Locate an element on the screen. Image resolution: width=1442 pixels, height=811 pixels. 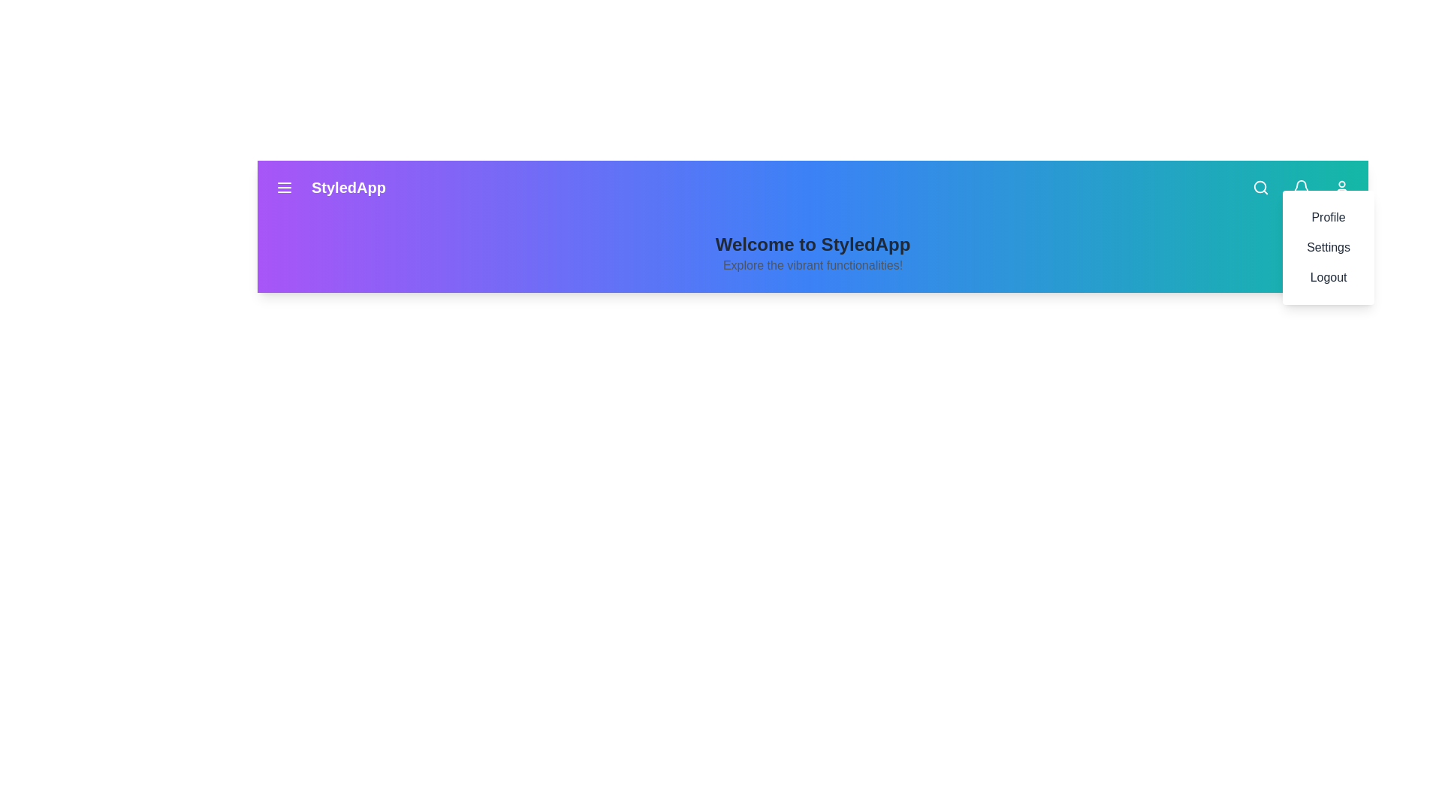
the option Profile from the dropdown menu is located at coordinates (1329, 217).